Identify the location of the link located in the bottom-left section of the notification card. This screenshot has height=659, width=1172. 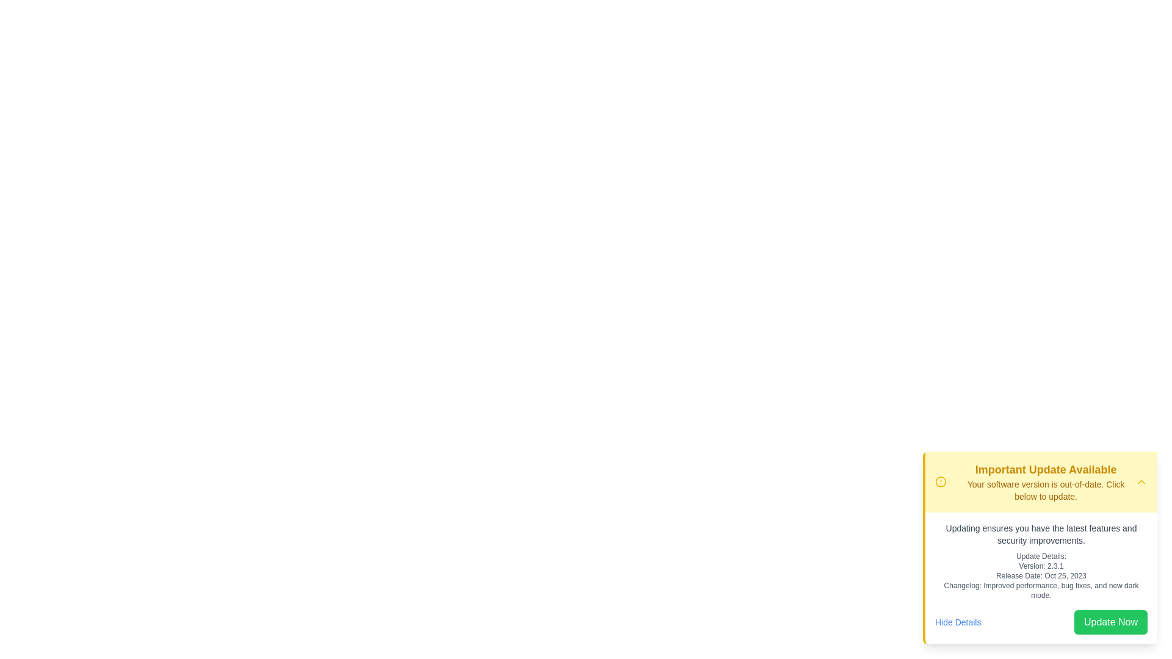
(957, 622).